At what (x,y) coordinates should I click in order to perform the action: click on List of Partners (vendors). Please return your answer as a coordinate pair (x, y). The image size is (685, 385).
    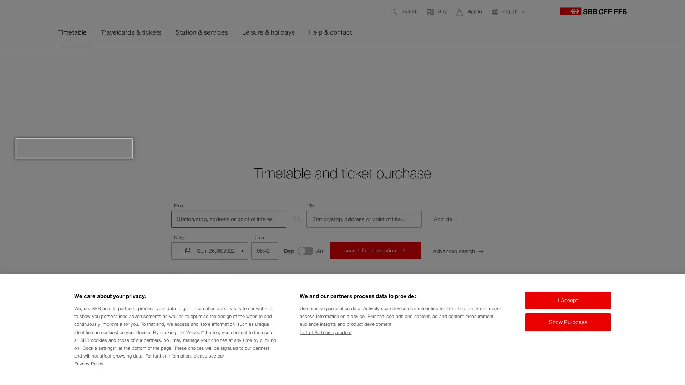
    Looking at the image, I should click on (325, 332).